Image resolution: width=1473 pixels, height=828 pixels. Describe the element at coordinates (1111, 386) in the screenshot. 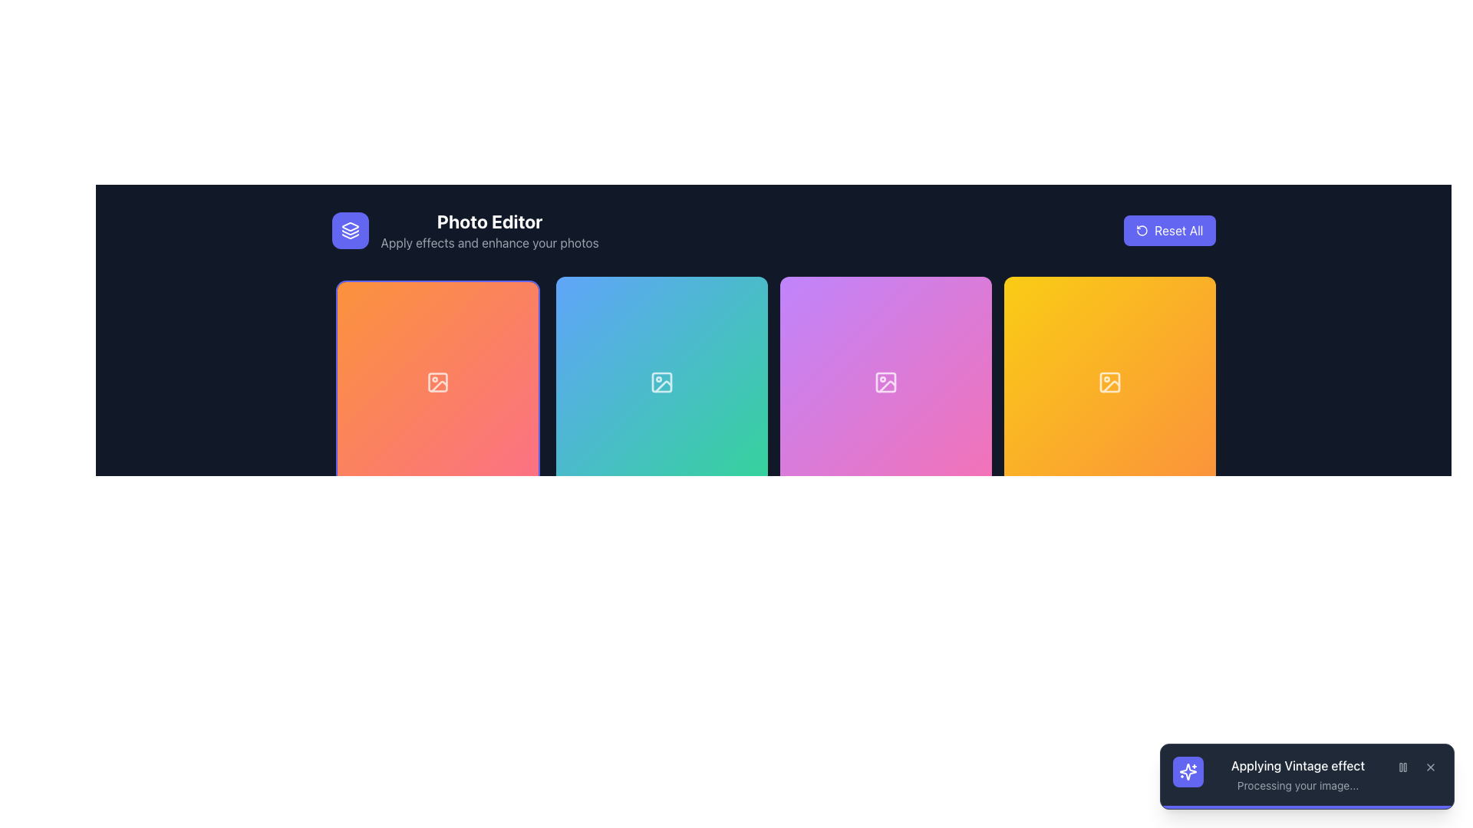

I see `the icon representing a slanted line and shape, which is part of the last yellow card in a sequence of four cards` at that location.